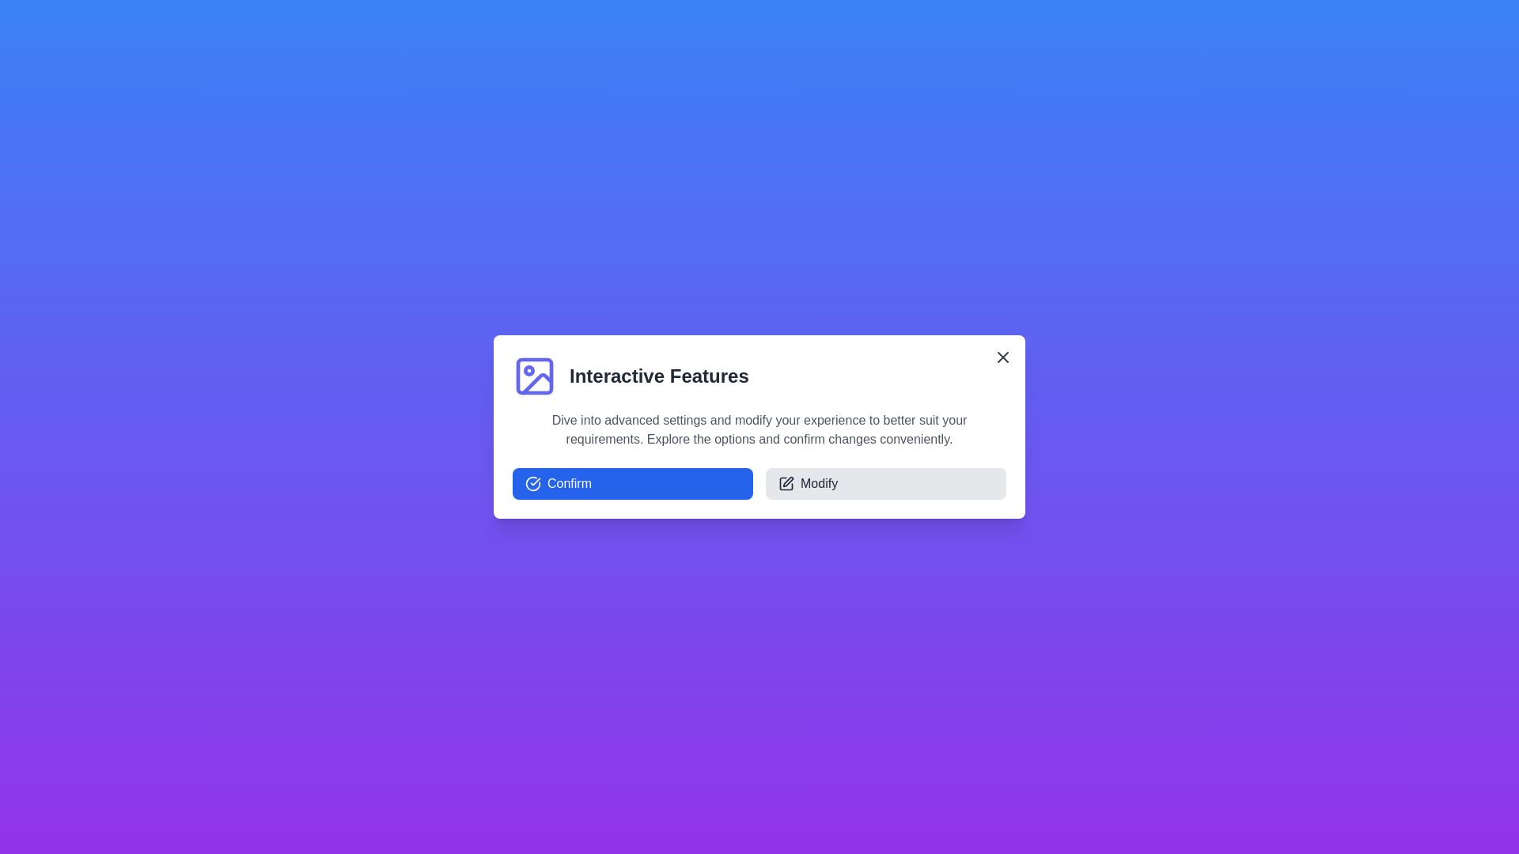 This screenshot has height=854, width=1519. Describe the element at coordinates (633, 483) in the screenshot. I see `'Confirm' button to confirm the action` at that location.